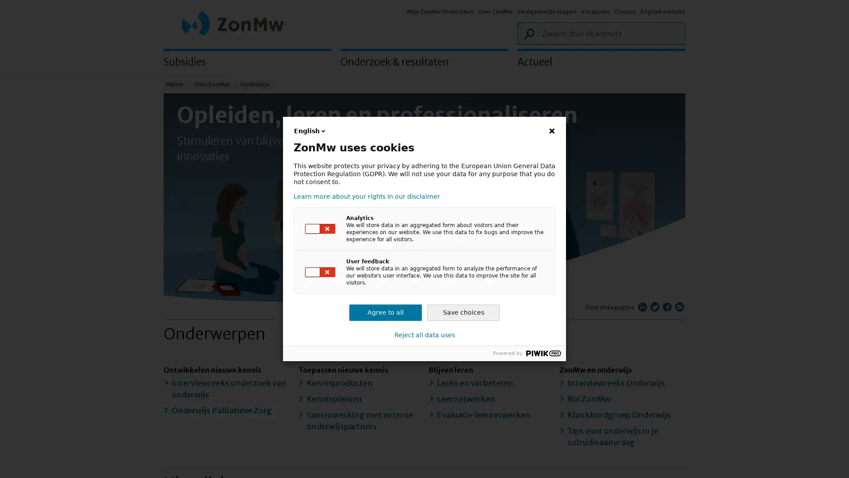 Image resolution: width=849 pixels, height=478 pixels. What do you see at coordinates (679, 33) in the screenshot?
I see `Zoek` at bounding box center [679, 33].